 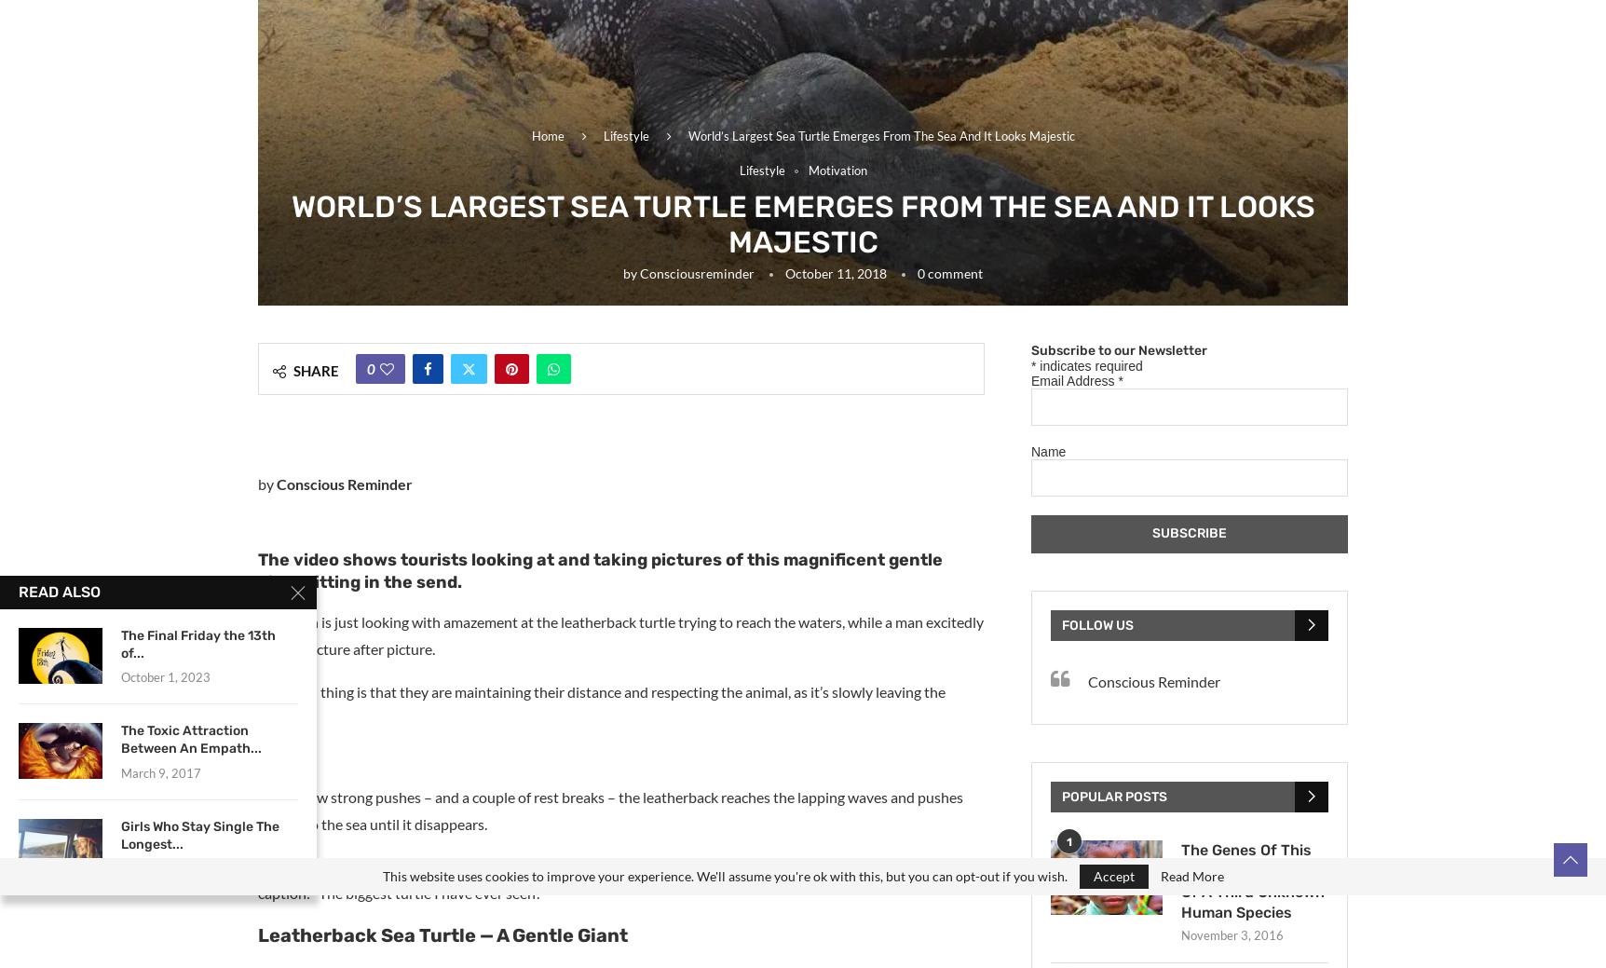 What do you see at coordinates (191, 739) in the screenshot?
I see `'The Toxic Attraction Between An Empath...'` at bounding box center [191, 739].